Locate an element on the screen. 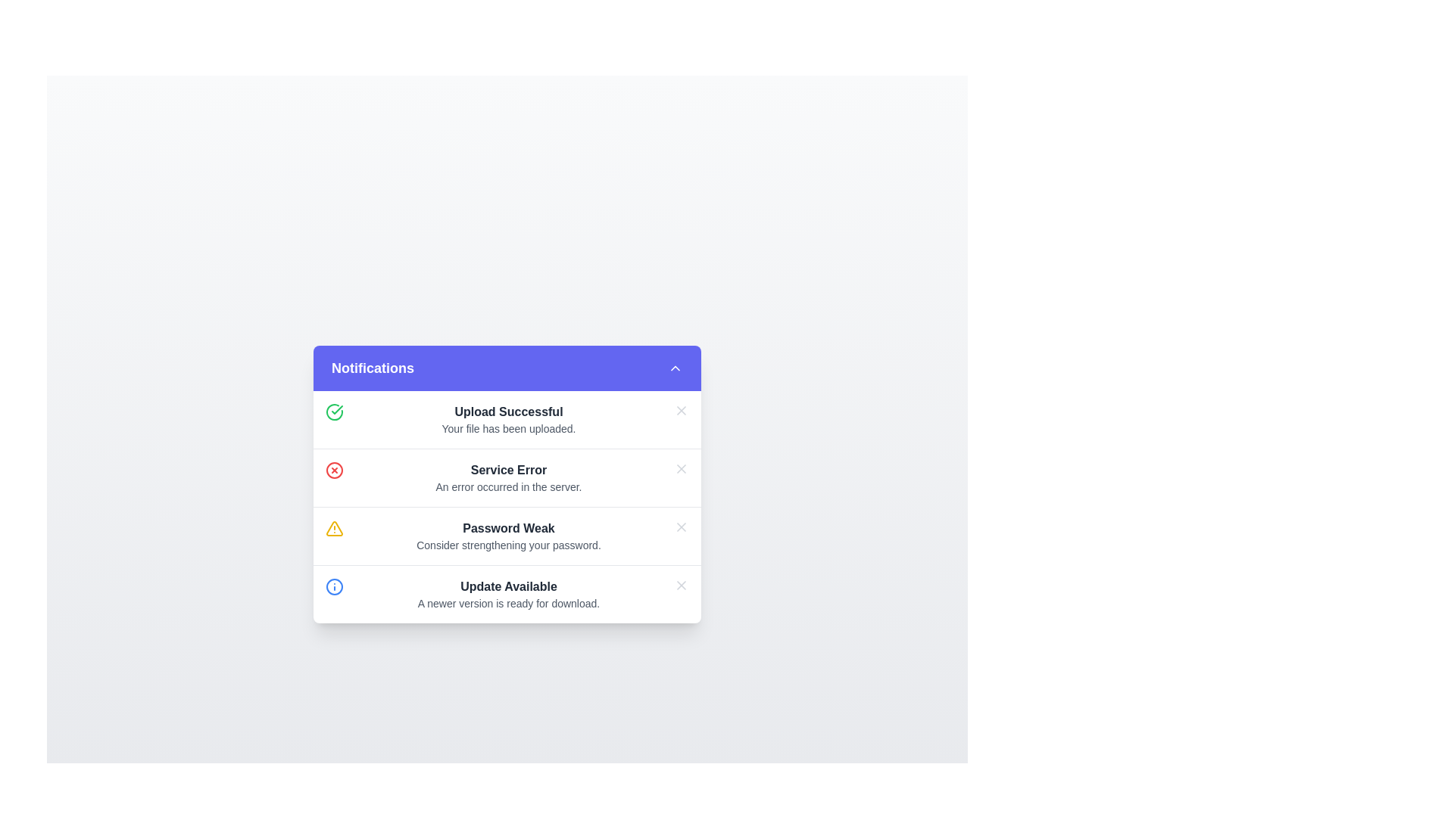 This screenshot has height=817, width=1454. notification message display area that shows 'Update Available' in bold and 'A newer version is ready for download.' is located at coordinates (509, 593).